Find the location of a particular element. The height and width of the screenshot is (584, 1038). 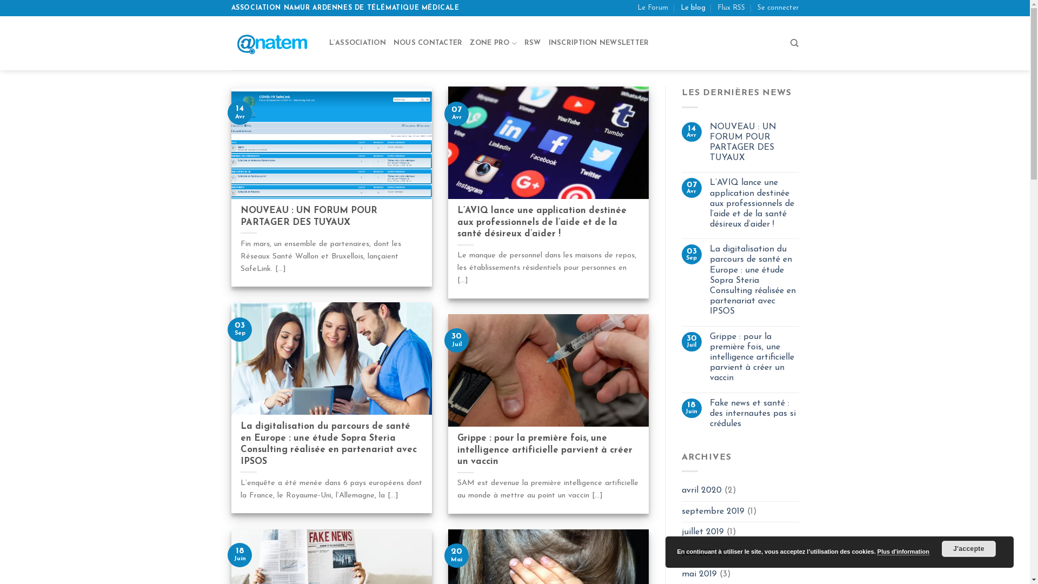

'Plus d'information' is located at coordinates (903, 552).